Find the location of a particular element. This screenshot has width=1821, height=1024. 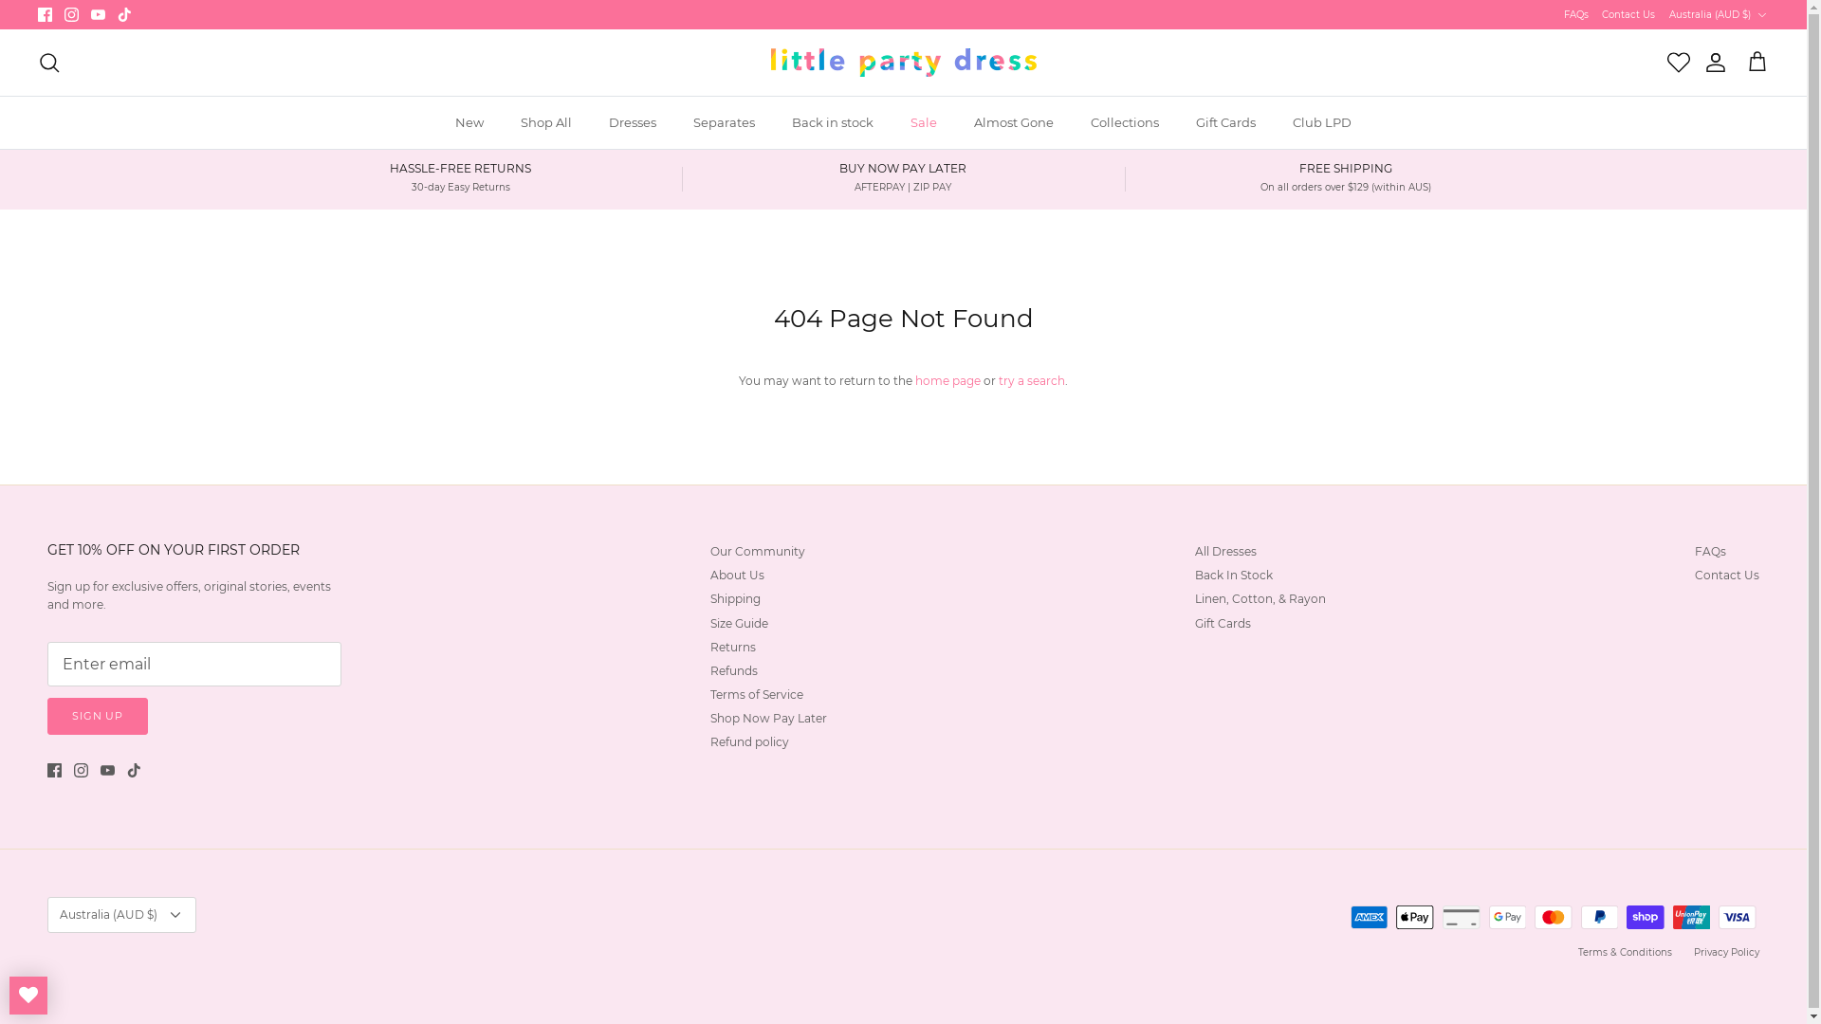

'home page' is located at coordinates (947, 380).